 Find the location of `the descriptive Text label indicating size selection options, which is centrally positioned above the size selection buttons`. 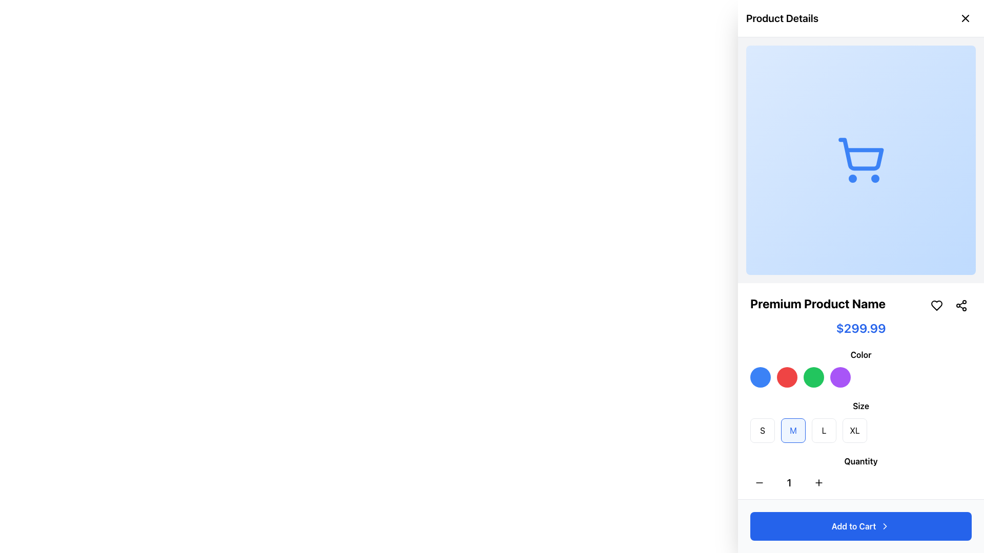

the descriptive Text label indicating size selection options, which is centrally positioned above the size selection buttons is located at coordinates (861, 406).